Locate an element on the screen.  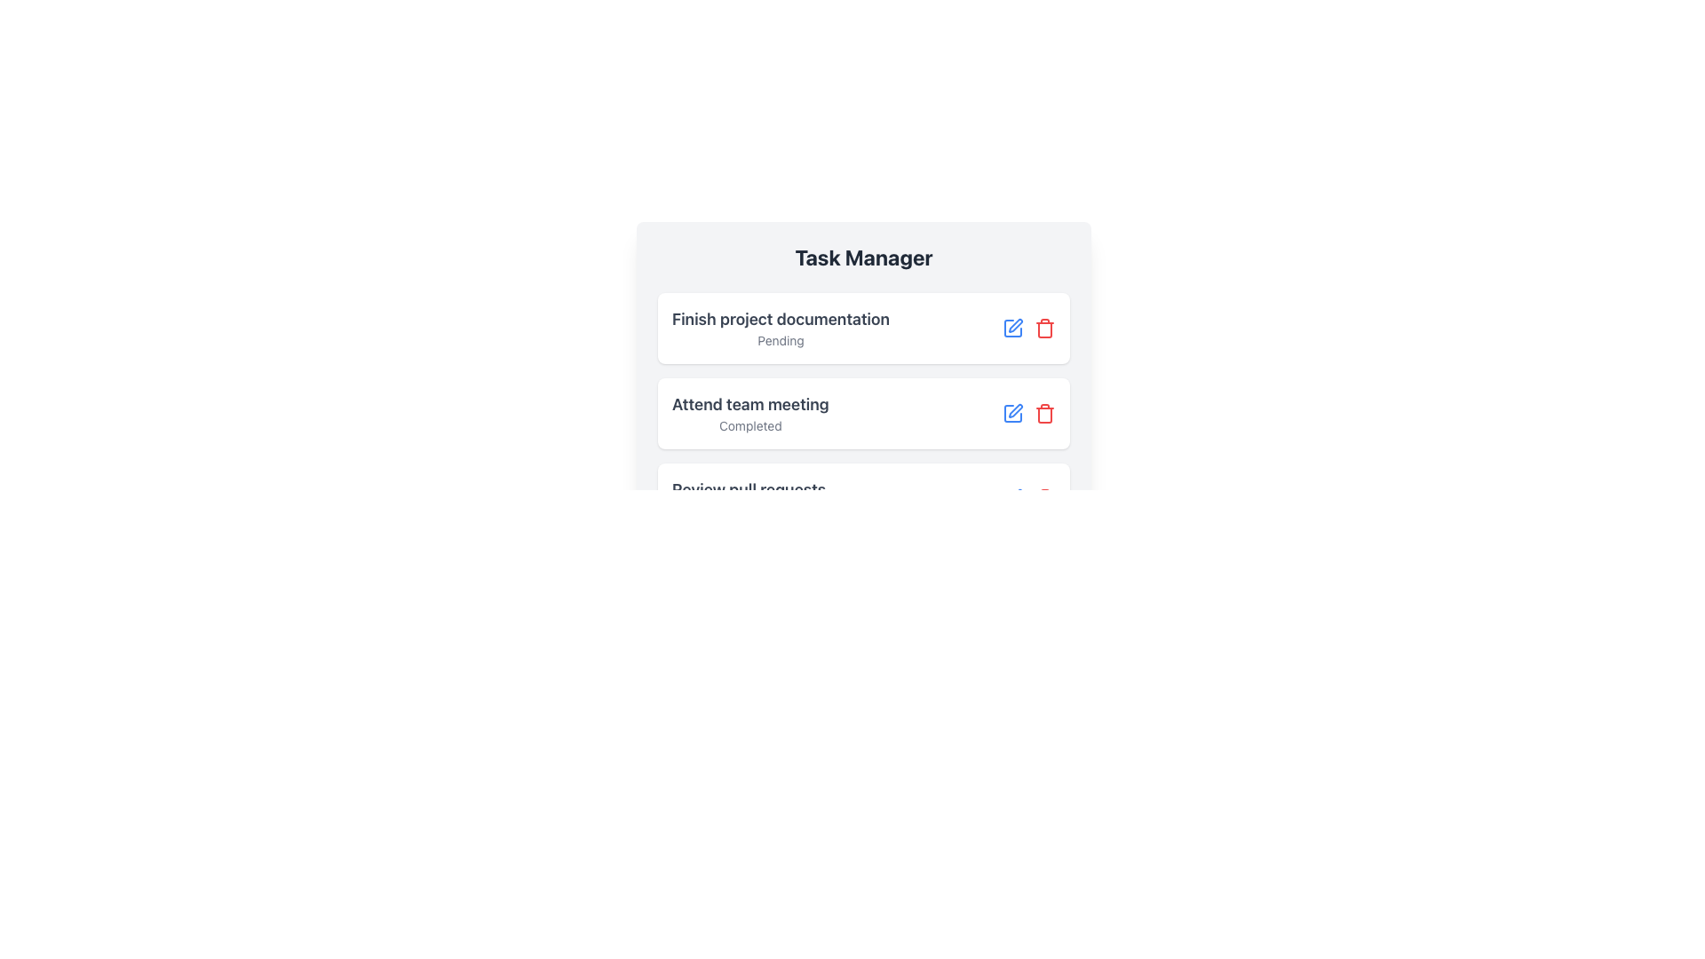
the text block titled 'Review pull requests' that displays the status 'In Progress' within the 'Task Manager' interface is located at coordinates (749, 499).